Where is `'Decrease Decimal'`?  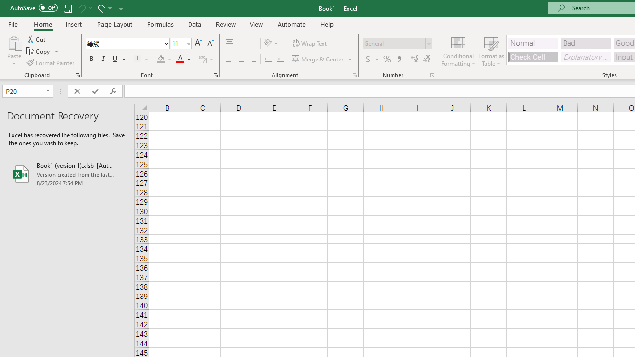
'Decrease Decimal' is located at coordinates (426, 59).